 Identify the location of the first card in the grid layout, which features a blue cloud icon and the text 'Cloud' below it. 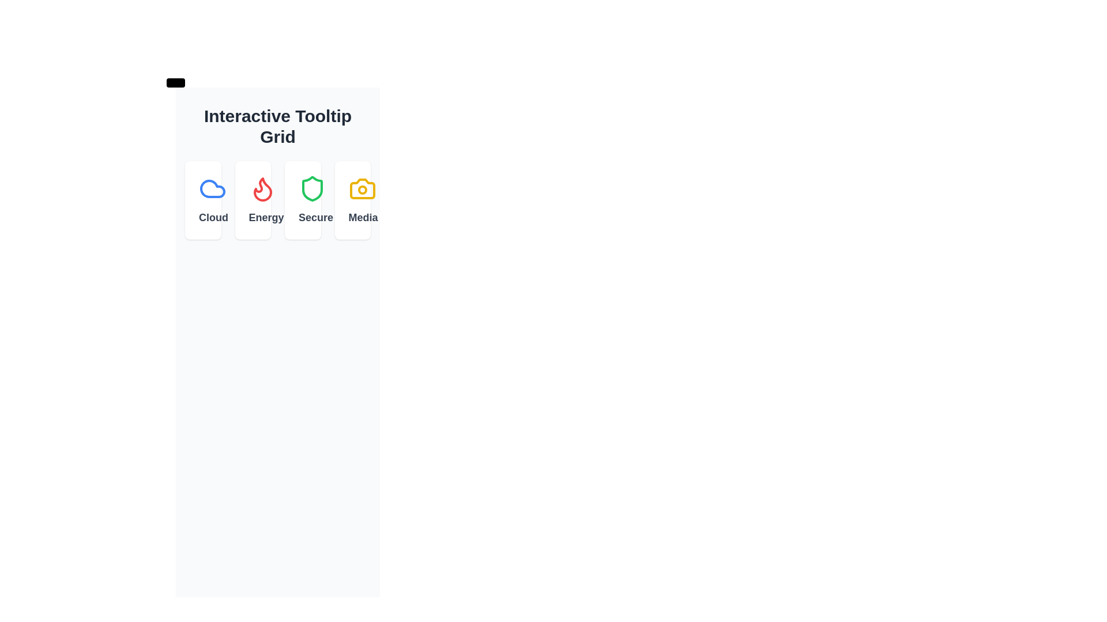
(203, 199).